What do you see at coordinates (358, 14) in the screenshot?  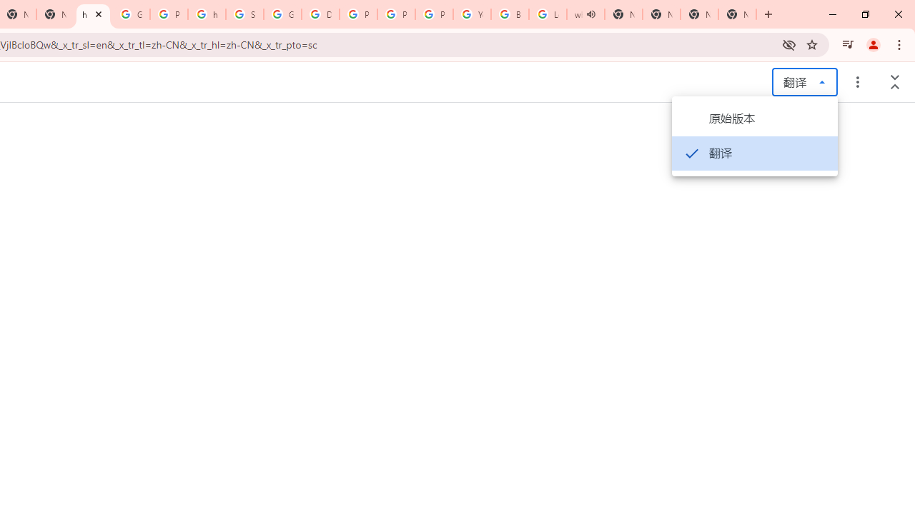 I see `'Privacy Help Center - Policies Help'` at bounding box center [358, 14].